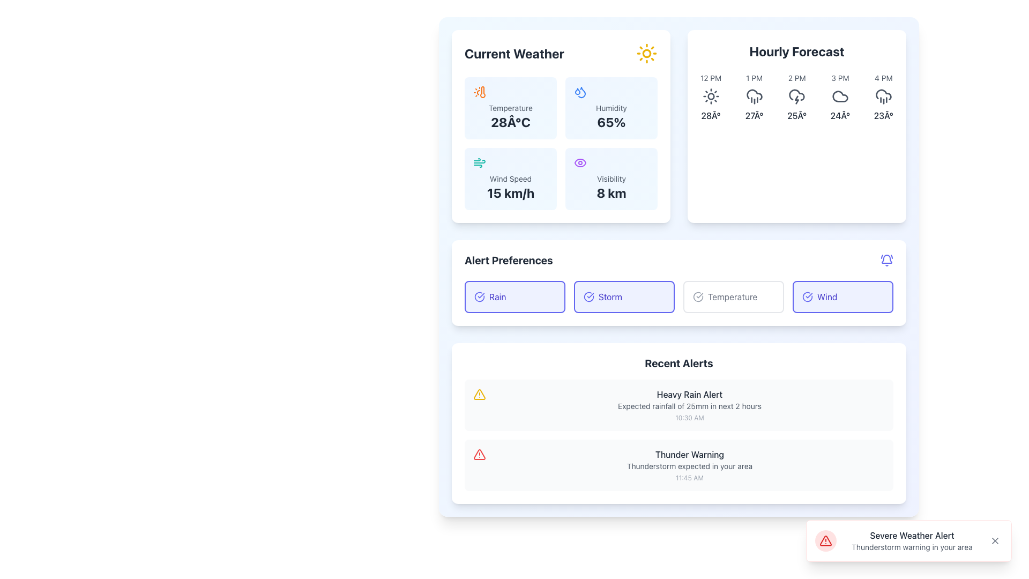 The height and width of the screenshot is (579, 1029). What do you see at coordinates (508, 261) in the screenshot?
I see `the Text Header labeled 'Alert Preferences' which is prominently displayed in bold and dark gray above the buttons for Rain, Storm, Temperature, and Wind` at bounding box center [508, 261].